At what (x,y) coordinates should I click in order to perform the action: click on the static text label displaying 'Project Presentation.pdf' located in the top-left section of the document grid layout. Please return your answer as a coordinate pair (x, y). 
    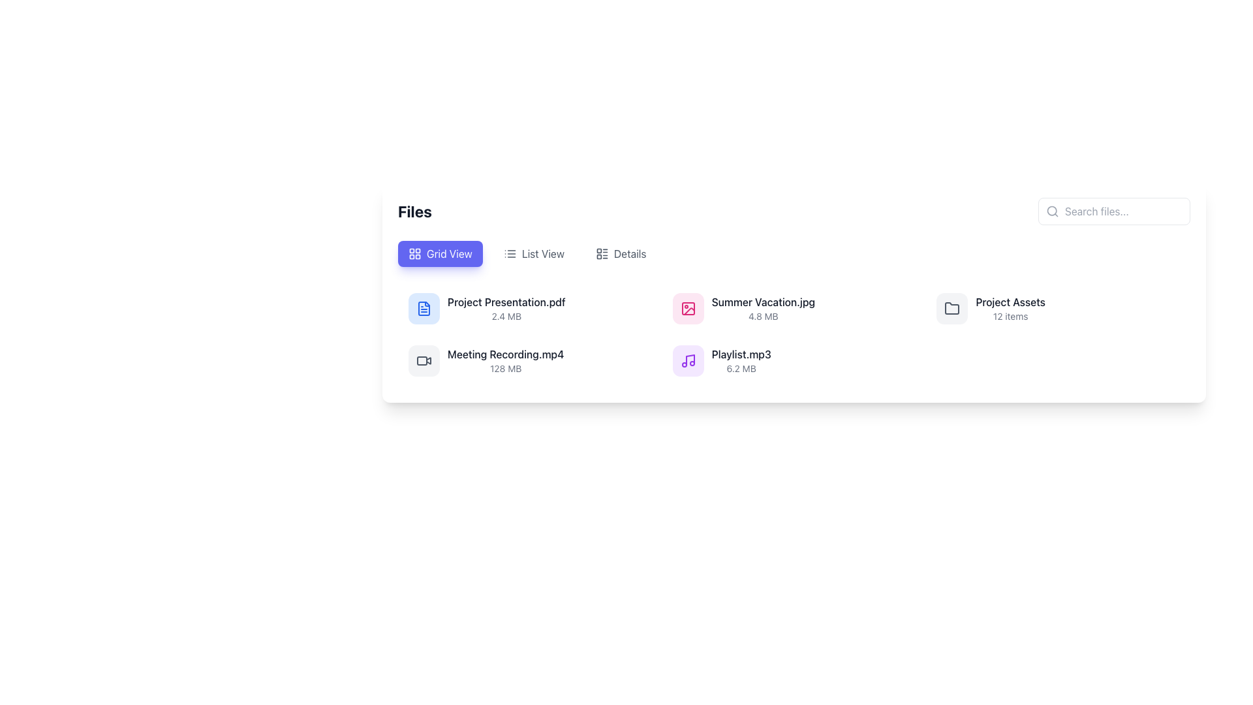
    Looking at the image, I should click on (506, 302).